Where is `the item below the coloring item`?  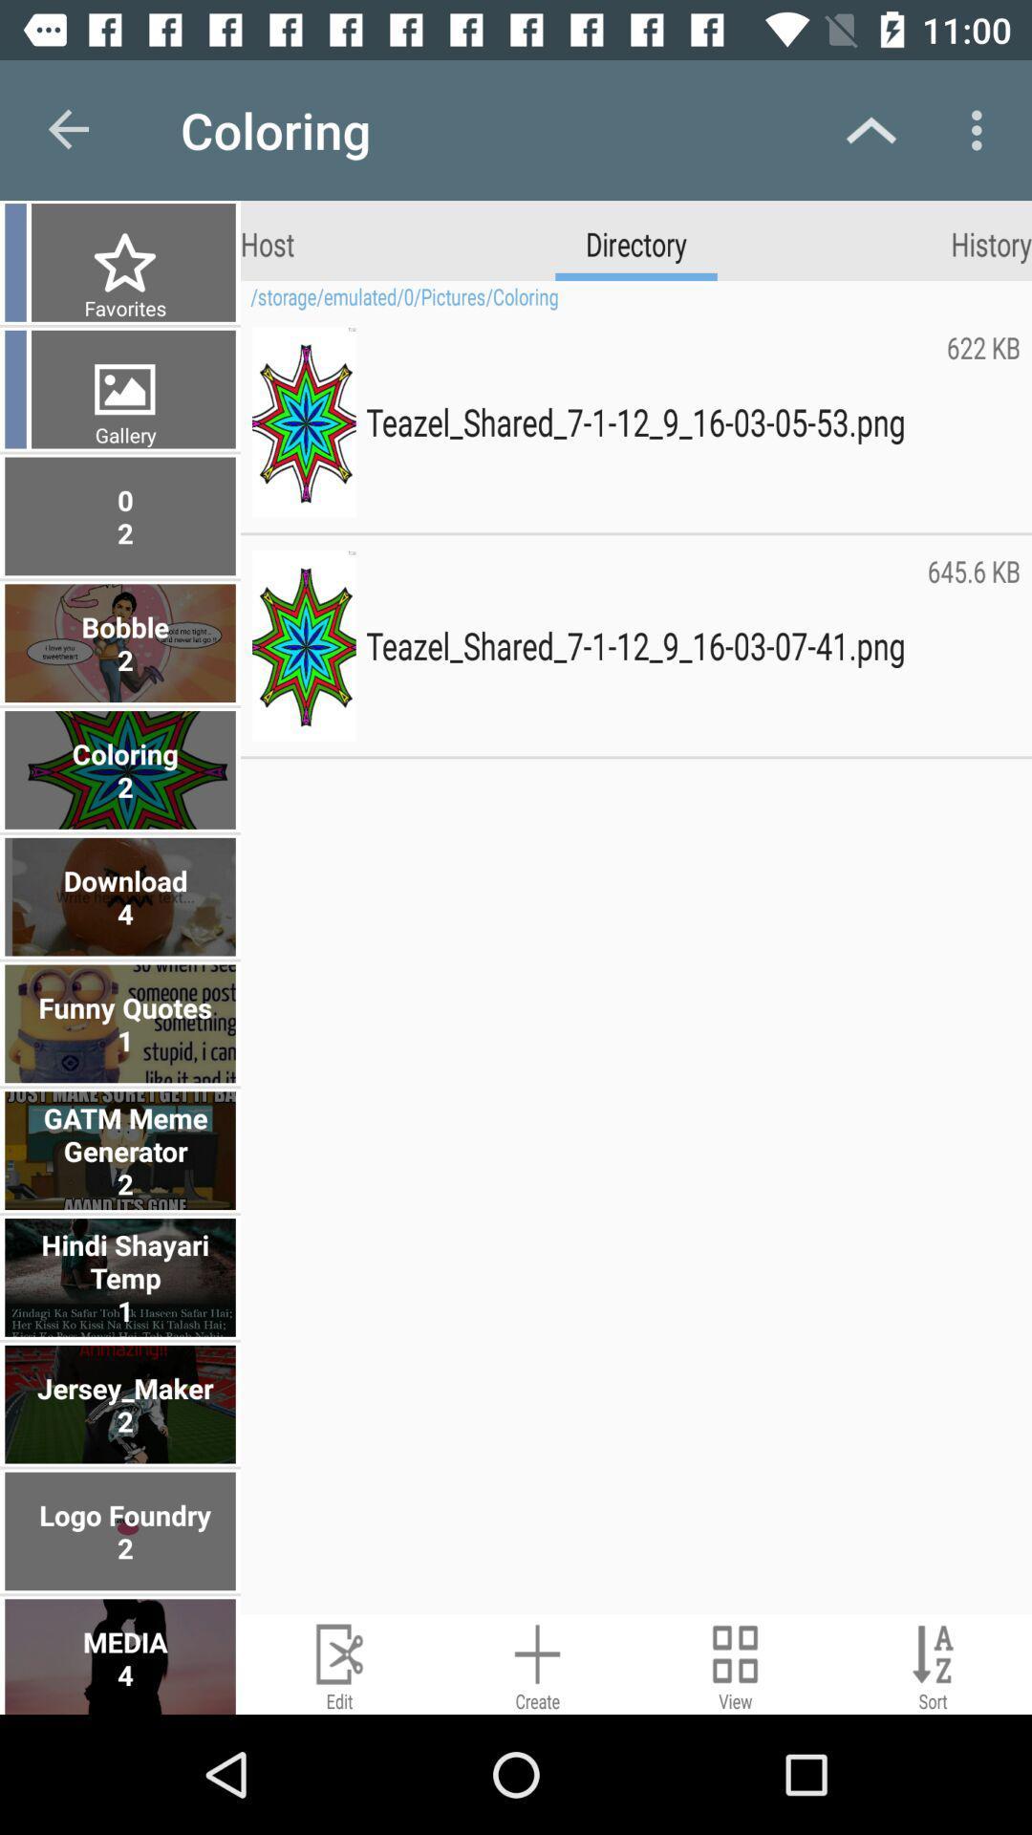
the item below the coloring item is located at coordinates (268, 242).